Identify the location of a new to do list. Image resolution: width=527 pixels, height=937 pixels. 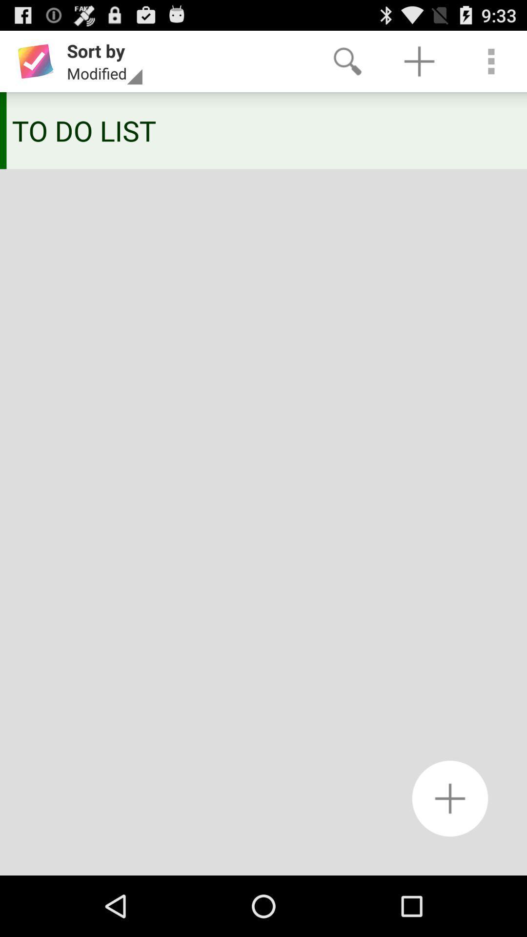
(450, 798).